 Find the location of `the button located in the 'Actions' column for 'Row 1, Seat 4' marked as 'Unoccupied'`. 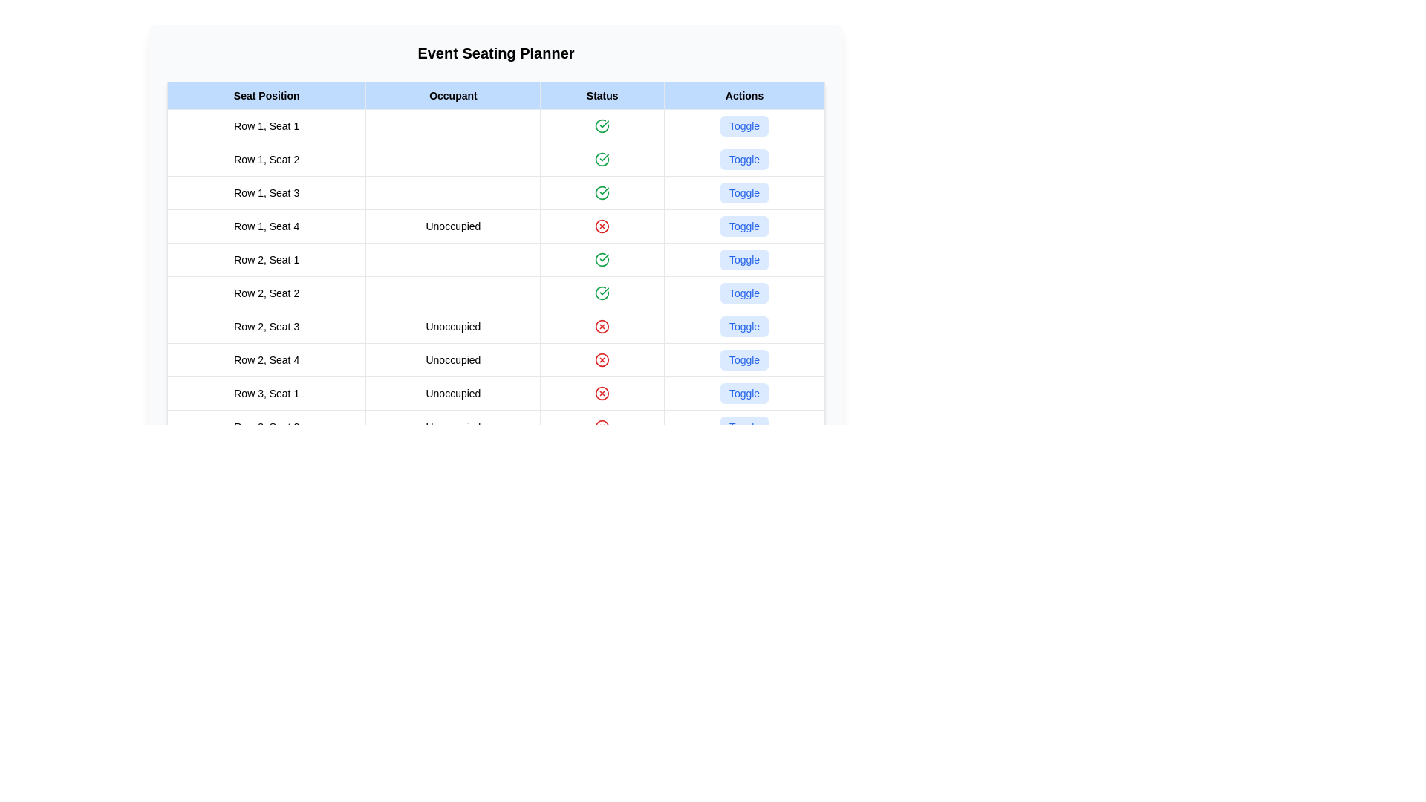

the button located in the 'Actions' column for 'Row 1, Seat 4' marked as 'Unoccupied' is located at coordinates (744, 226).